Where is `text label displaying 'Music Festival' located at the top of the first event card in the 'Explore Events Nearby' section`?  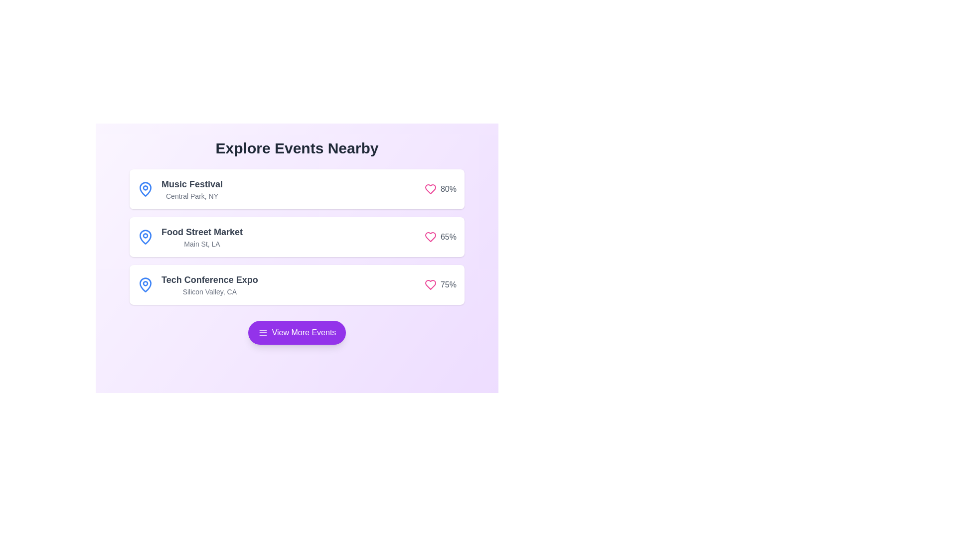
text label displaying 'Music Festival' located at the top of the first event card in the 'Explore Events Nearby' section is located at coordinates (192, 184).